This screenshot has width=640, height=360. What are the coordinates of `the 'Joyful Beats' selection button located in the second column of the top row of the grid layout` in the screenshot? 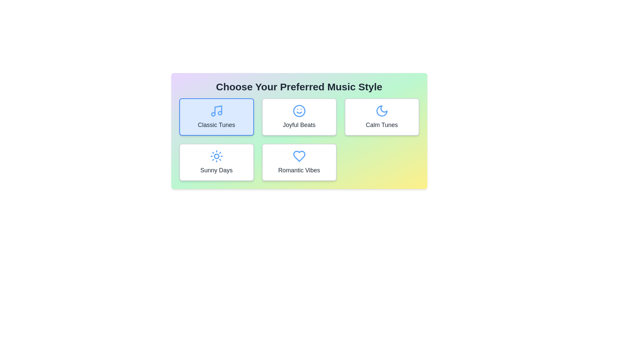 It's located at (299, 117).